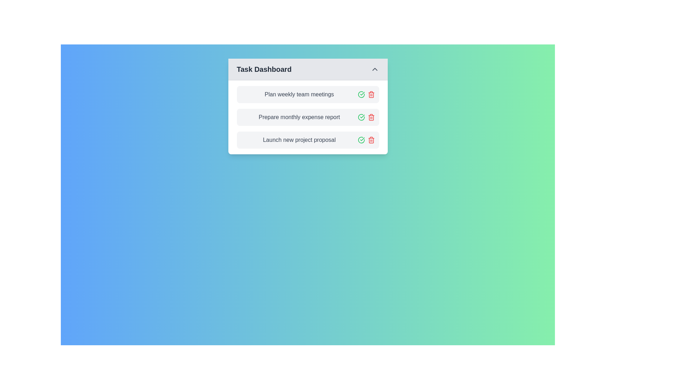 Image resolution: width=683 pixels, height=384 pixels. What do you see at coordinates (361, 140) in the screenshot?
I see `on the icon in the rightmost column of the last row next` at bounding box center [361, 140].